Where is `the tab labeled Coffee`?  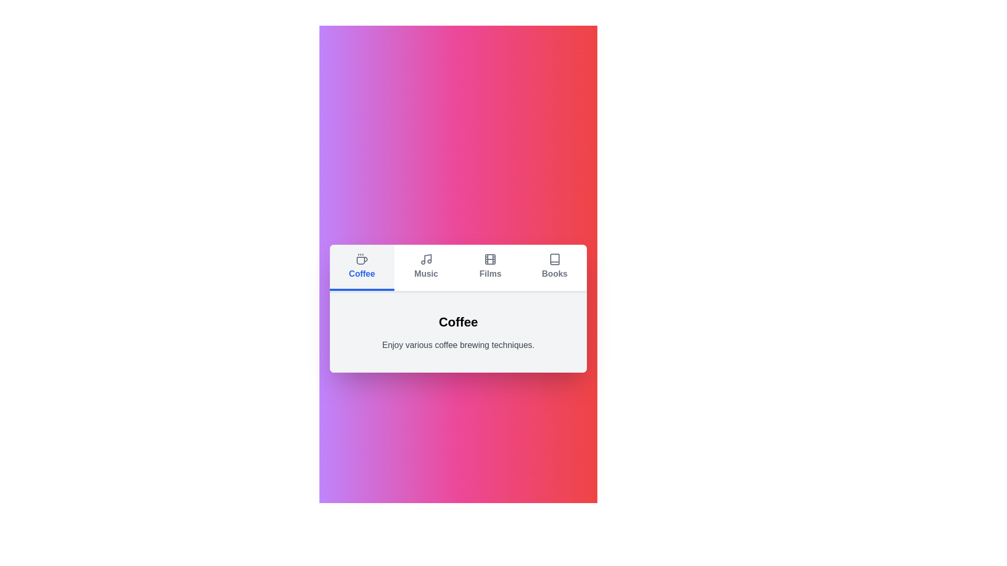 the tab labeled Coffee is located at coordinates (362, 267).